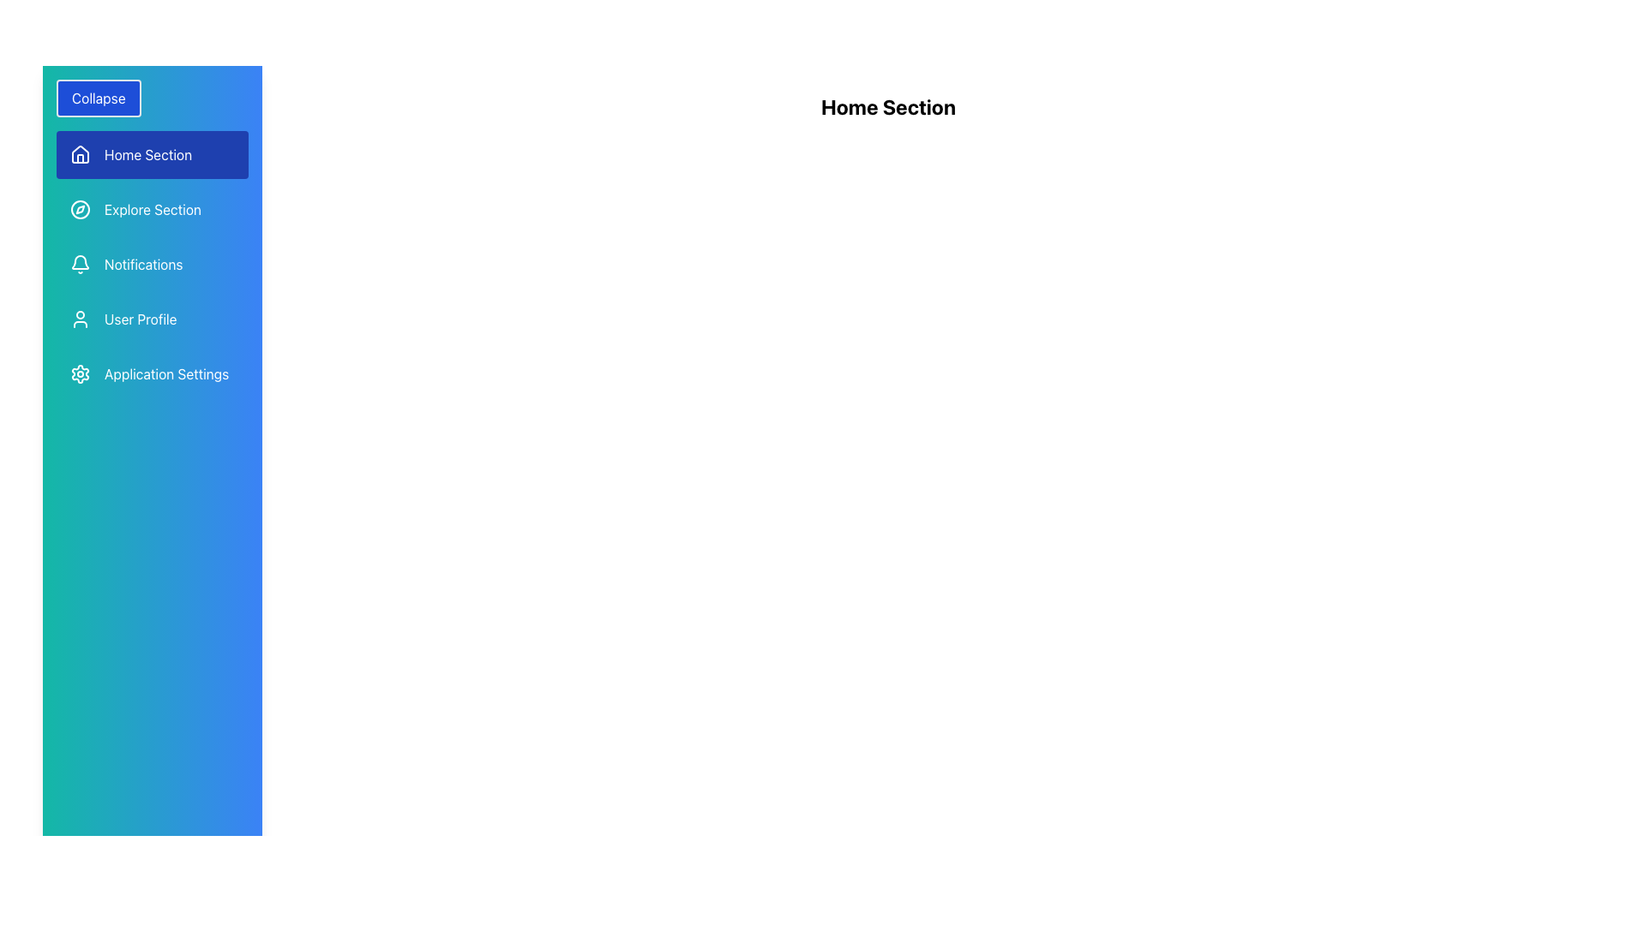 The width and height of the screenshot is (1646, 925). What do you see at coordinates (80, 262) in the screenshot?
I see `the bottom part of the Notifications bell icon in the vertical navigation bar, which is styled with a blue gradient` at bounding box center [80, 262].